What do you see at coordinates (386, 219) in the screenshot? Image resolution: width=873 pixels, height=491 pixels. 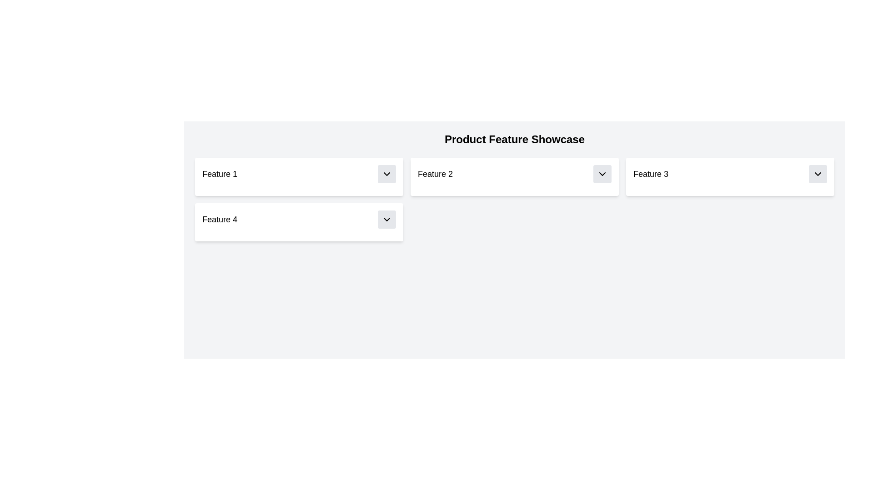 I see `the button with a gray background and rounded corners, located to the right of the 'Feature 4' text label, to interact` at bounding box center [386, 219].